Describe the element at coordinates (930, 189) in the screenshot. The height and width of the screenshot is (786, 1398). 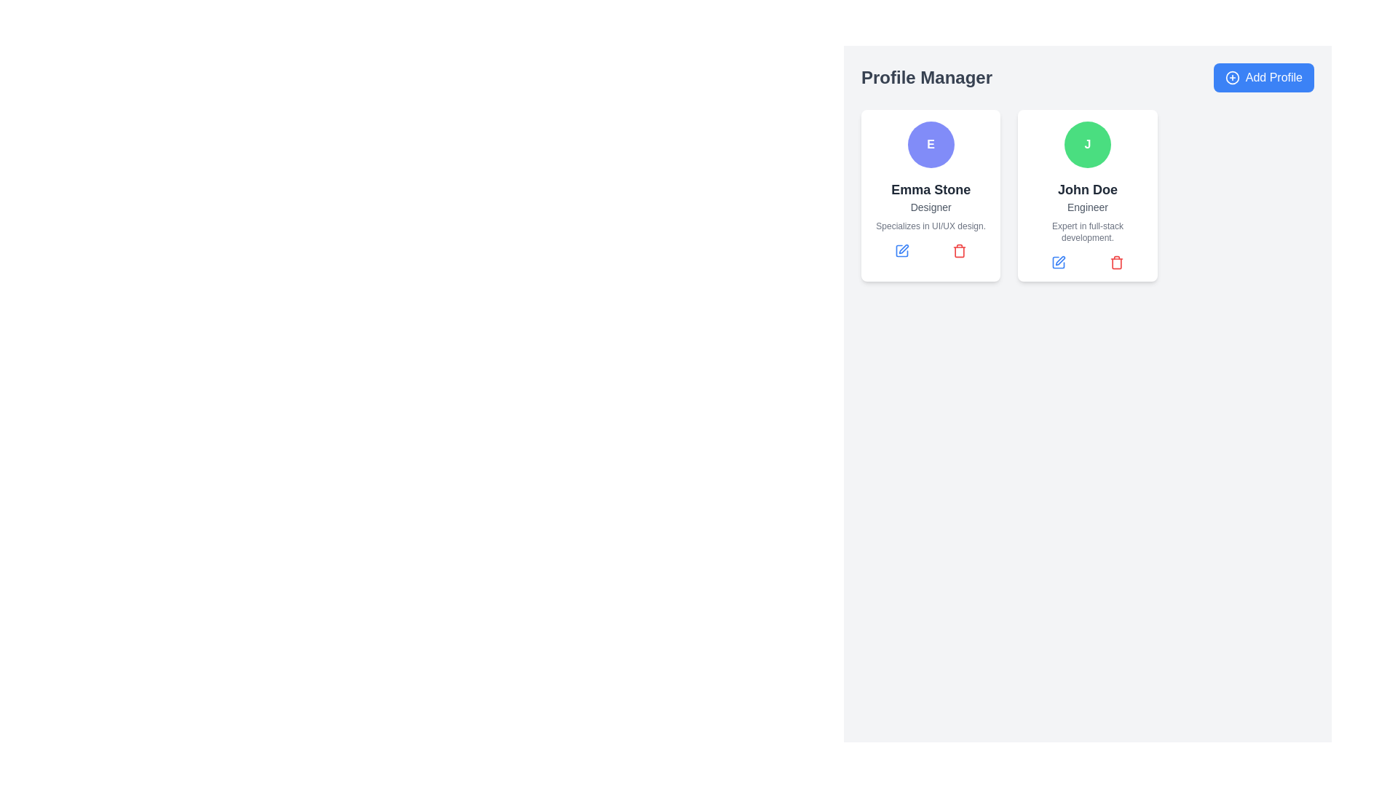
I see `the text label displaying the name 'Emma Stone' located in the first profile card above the text 'Designer'` at that location.